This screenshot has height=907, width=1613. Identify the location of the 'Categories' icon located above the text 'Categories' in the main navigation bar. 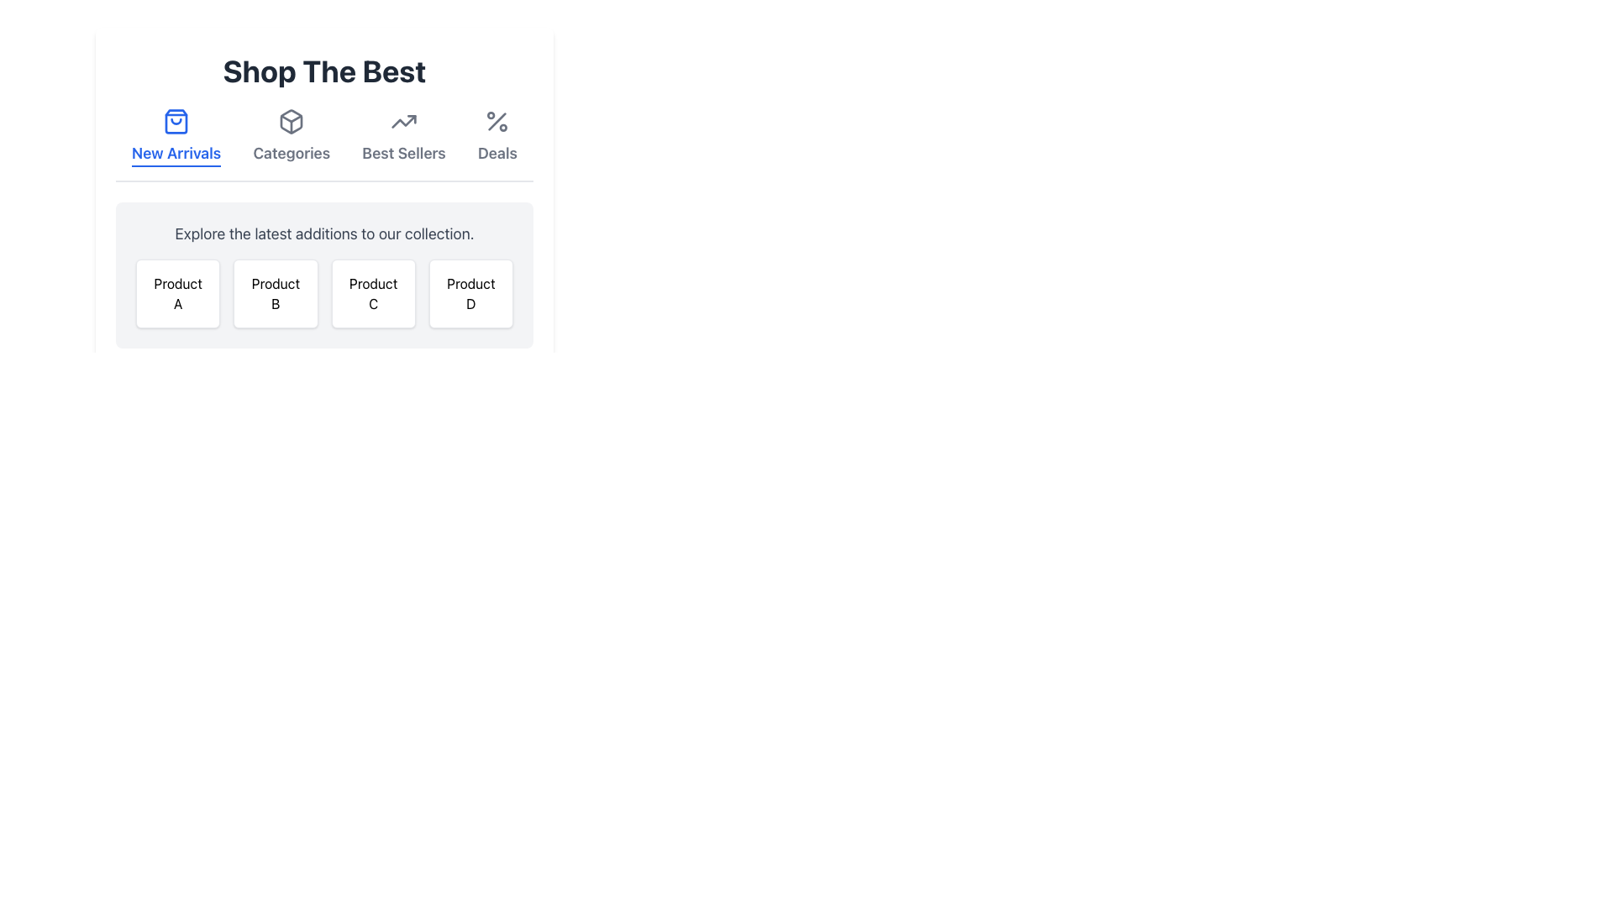
(291, 121).